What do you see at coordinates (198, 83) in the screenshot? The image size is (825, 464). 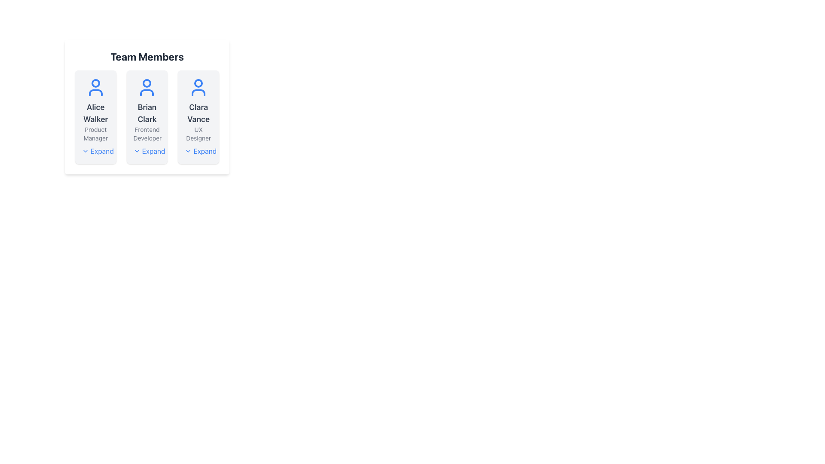 I see `the circular decorative element above the avatar of 'Clara Vance' in the user card, which is located at the top section of the icon representing a person` at bounding box center [198, 83].